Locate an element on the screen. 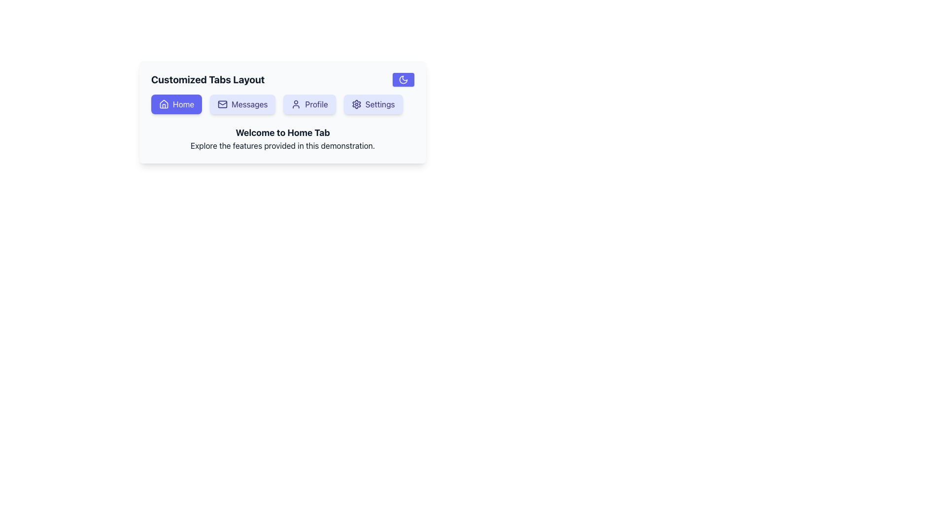 This screenshot has width=946, height=532. the crescent moon icon used for toggling dark mode, located on the far-right side of the top row of icons is located at coordinates (404, 79).